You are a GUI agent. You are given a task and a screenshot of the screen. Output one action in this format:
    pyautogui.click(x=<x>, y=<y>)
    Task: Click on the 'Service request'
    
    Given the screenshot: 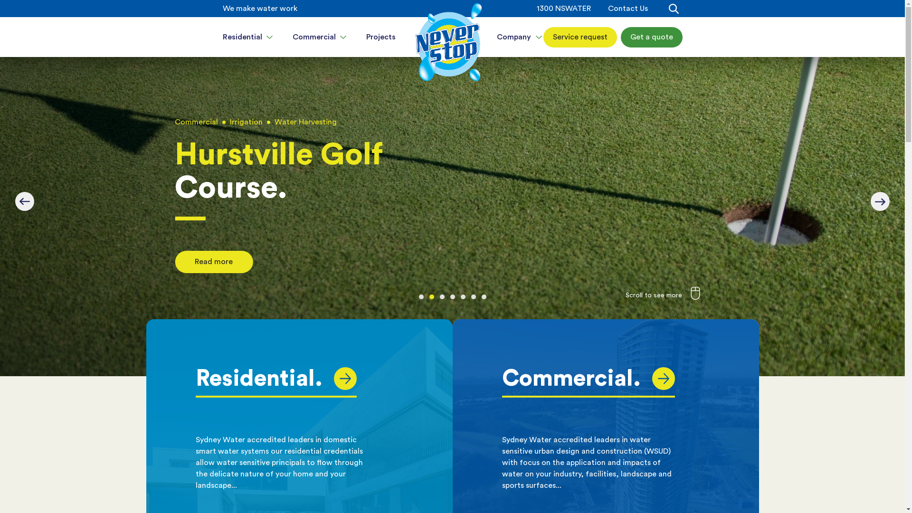 What is the action you would take?
    pyautogui.click(x=579, y=36)
    